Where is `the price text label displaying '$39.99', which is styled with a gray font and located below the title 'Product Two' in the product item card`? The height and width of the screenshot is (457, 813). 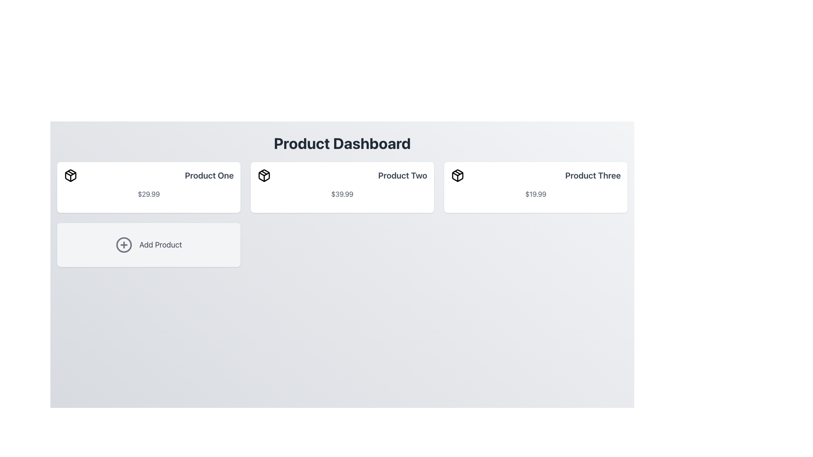
the price text label displaying '$39.99', which is styled with a gray font and located below the title 'Product Two' in the product item card is located at coordinates (342, 194).